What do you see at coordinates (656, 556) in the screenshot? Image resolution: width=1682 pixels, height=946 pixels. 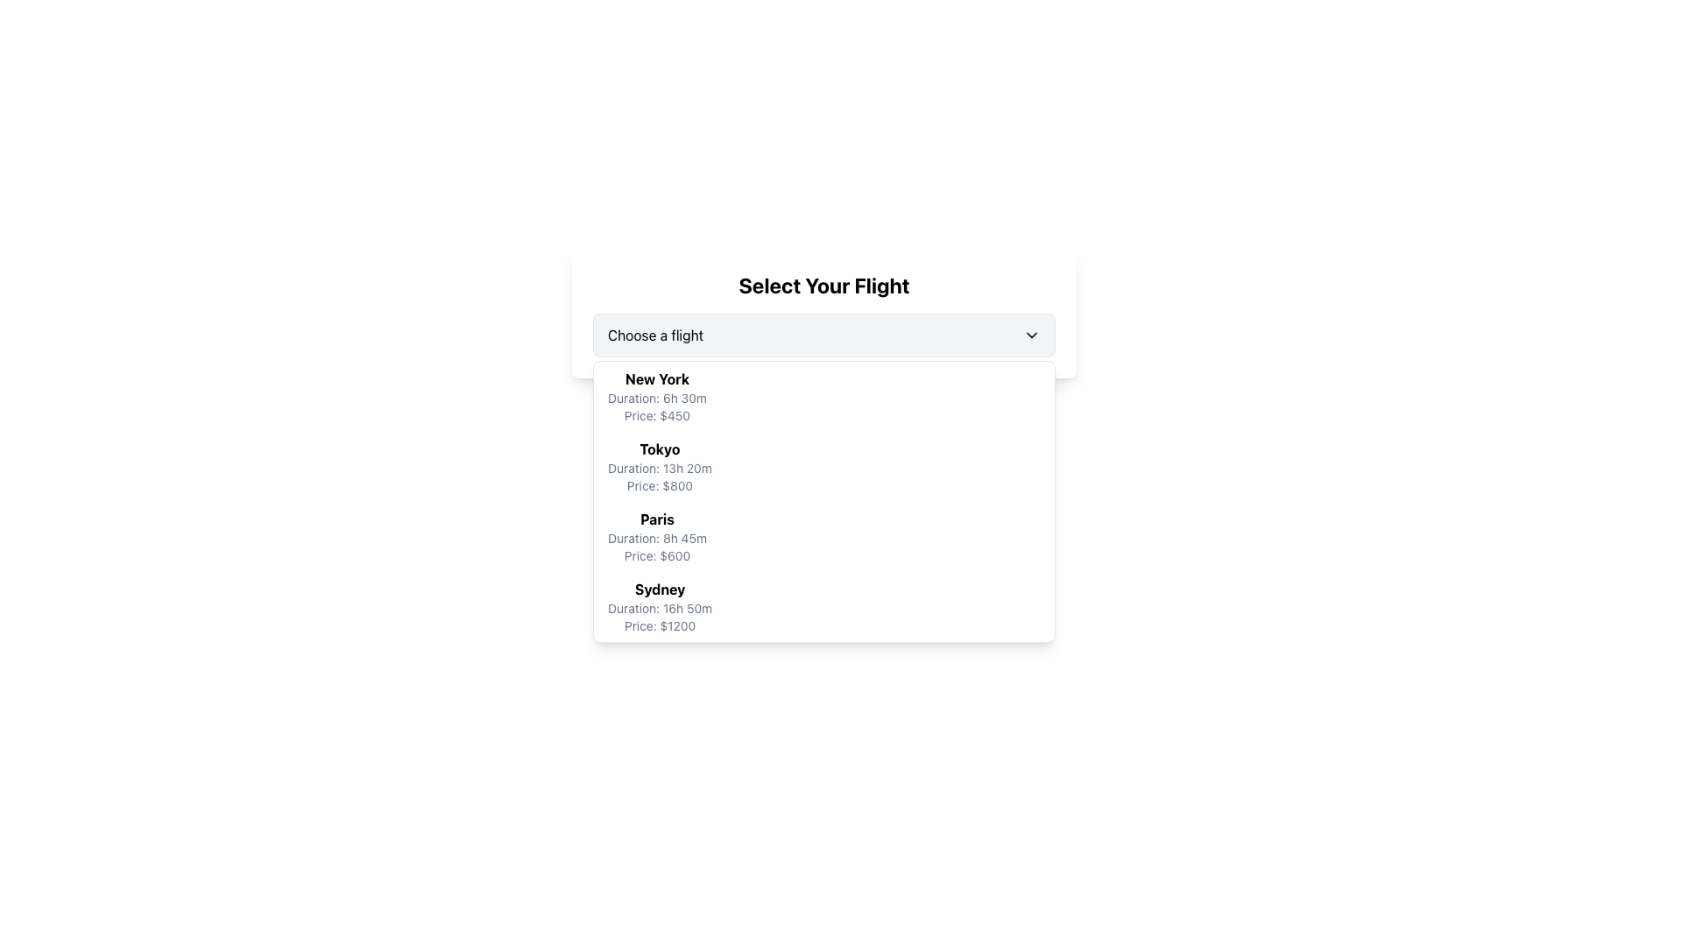 I see `the static text displaying 'Price: $600', which is positioned below the 'Duration: 8h 45m' text in the Paris flight option row` at bounding box center [656, 556].